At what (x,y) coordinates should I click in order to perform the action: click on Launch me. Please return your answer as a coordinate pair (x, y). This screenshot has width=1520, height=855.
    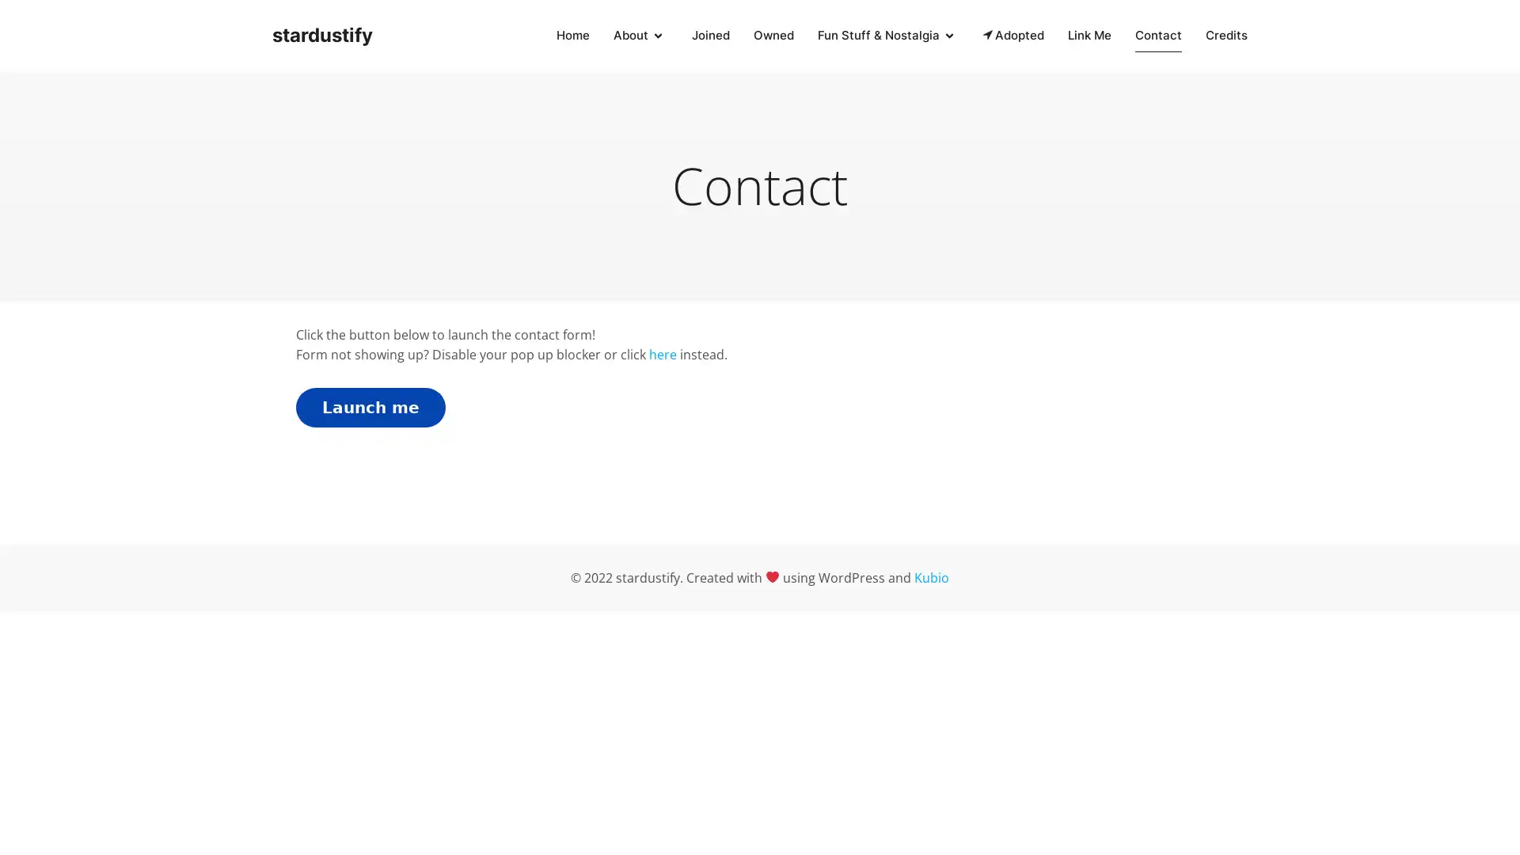
    Looking at the image, I should click on (370, 405).